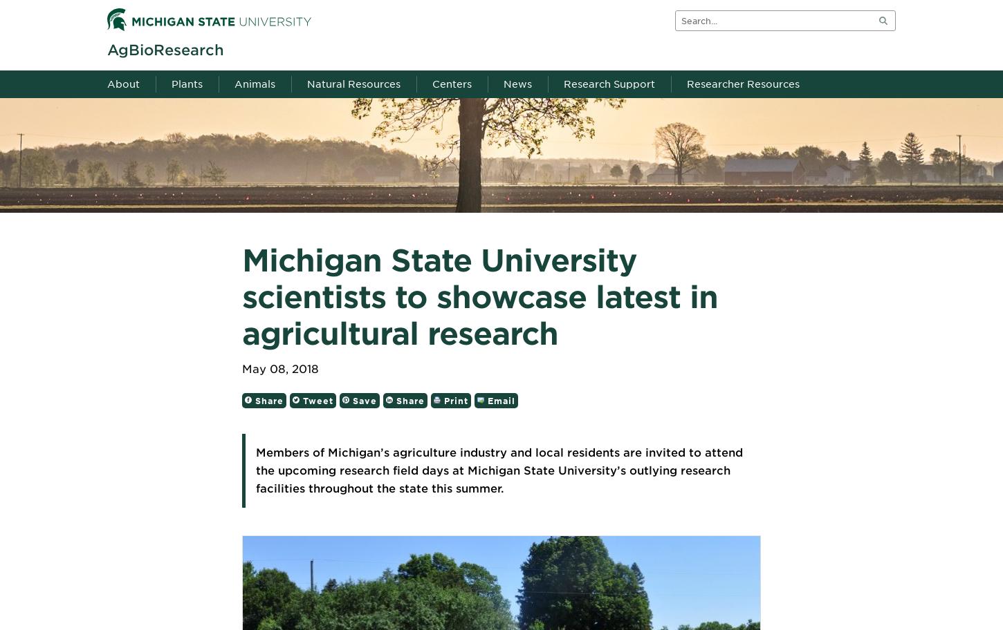  Describe the element at coordinates (353, 84) in the screenshot. I see `'Natural Resources'` at that location.